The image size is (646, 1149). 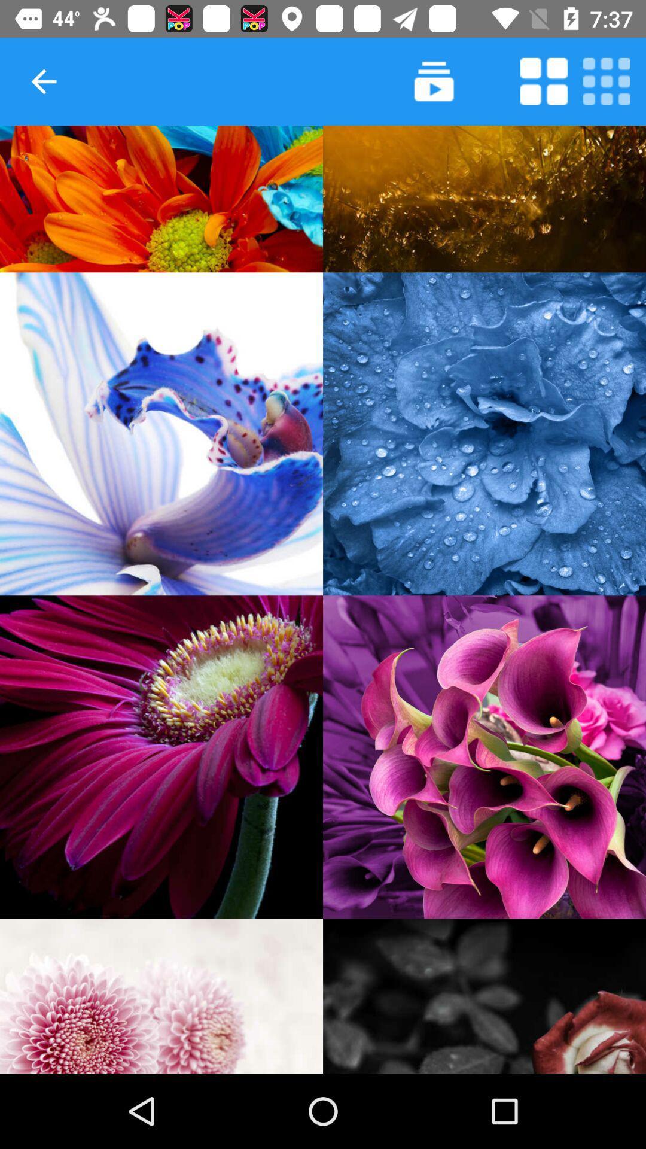 I want to click on purpose, so click(x=544, y=81).